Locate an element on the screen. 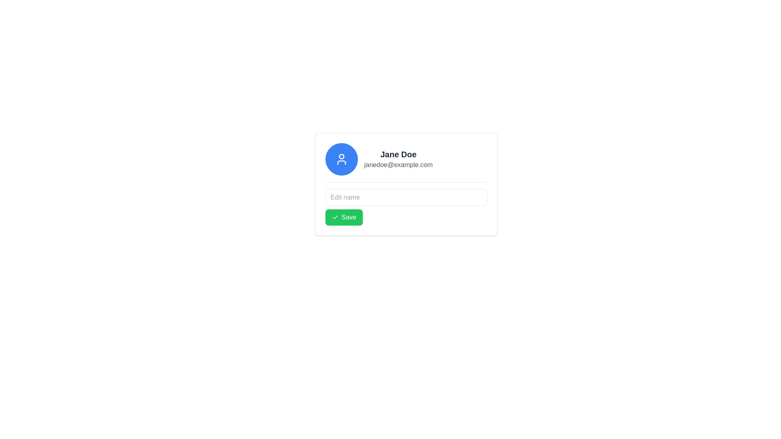  the green 'Save' button located beneath the 'Edit name' text input field is located at coordinates (344, 217).